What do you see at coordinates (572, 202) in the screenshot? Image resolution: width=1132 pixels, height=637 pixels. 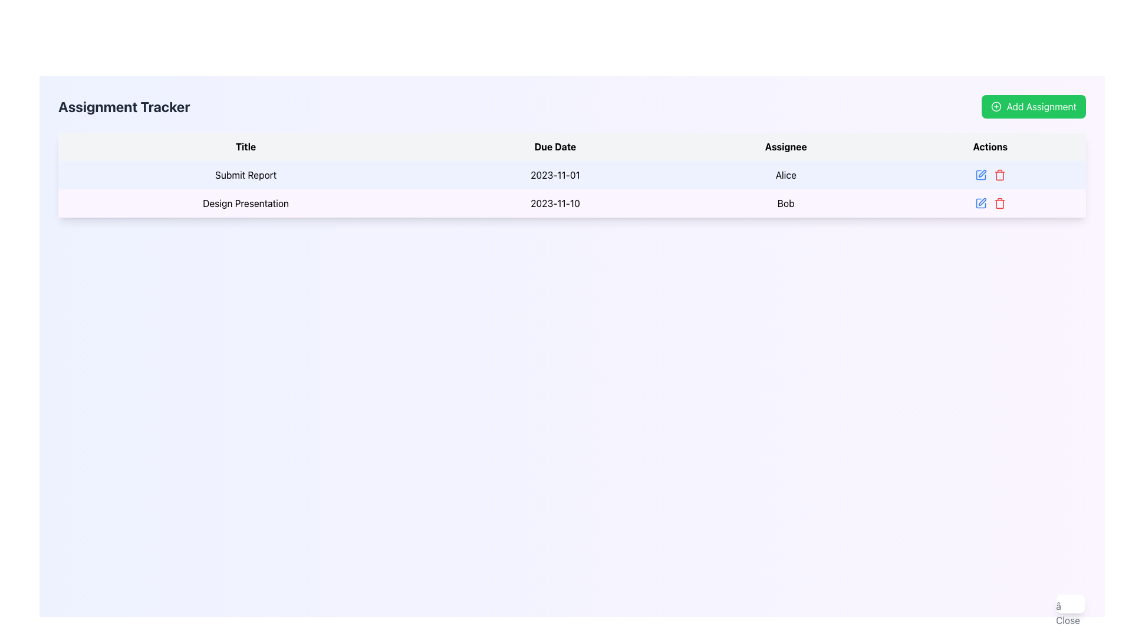 I see `the second row in the 'Assignment Tracker' table` at bounding box center [572, 202].